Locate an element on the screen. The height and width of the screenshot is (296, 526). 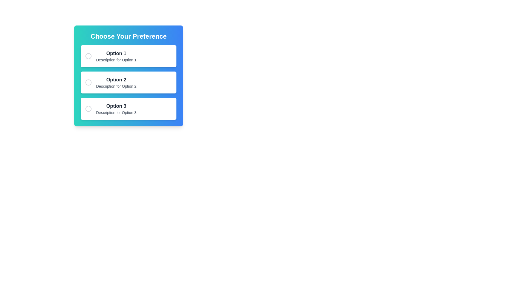
the radio button icon located to the left of the text 'Option 3' in the bottom section of the options list is located at coordinates (88, 109).